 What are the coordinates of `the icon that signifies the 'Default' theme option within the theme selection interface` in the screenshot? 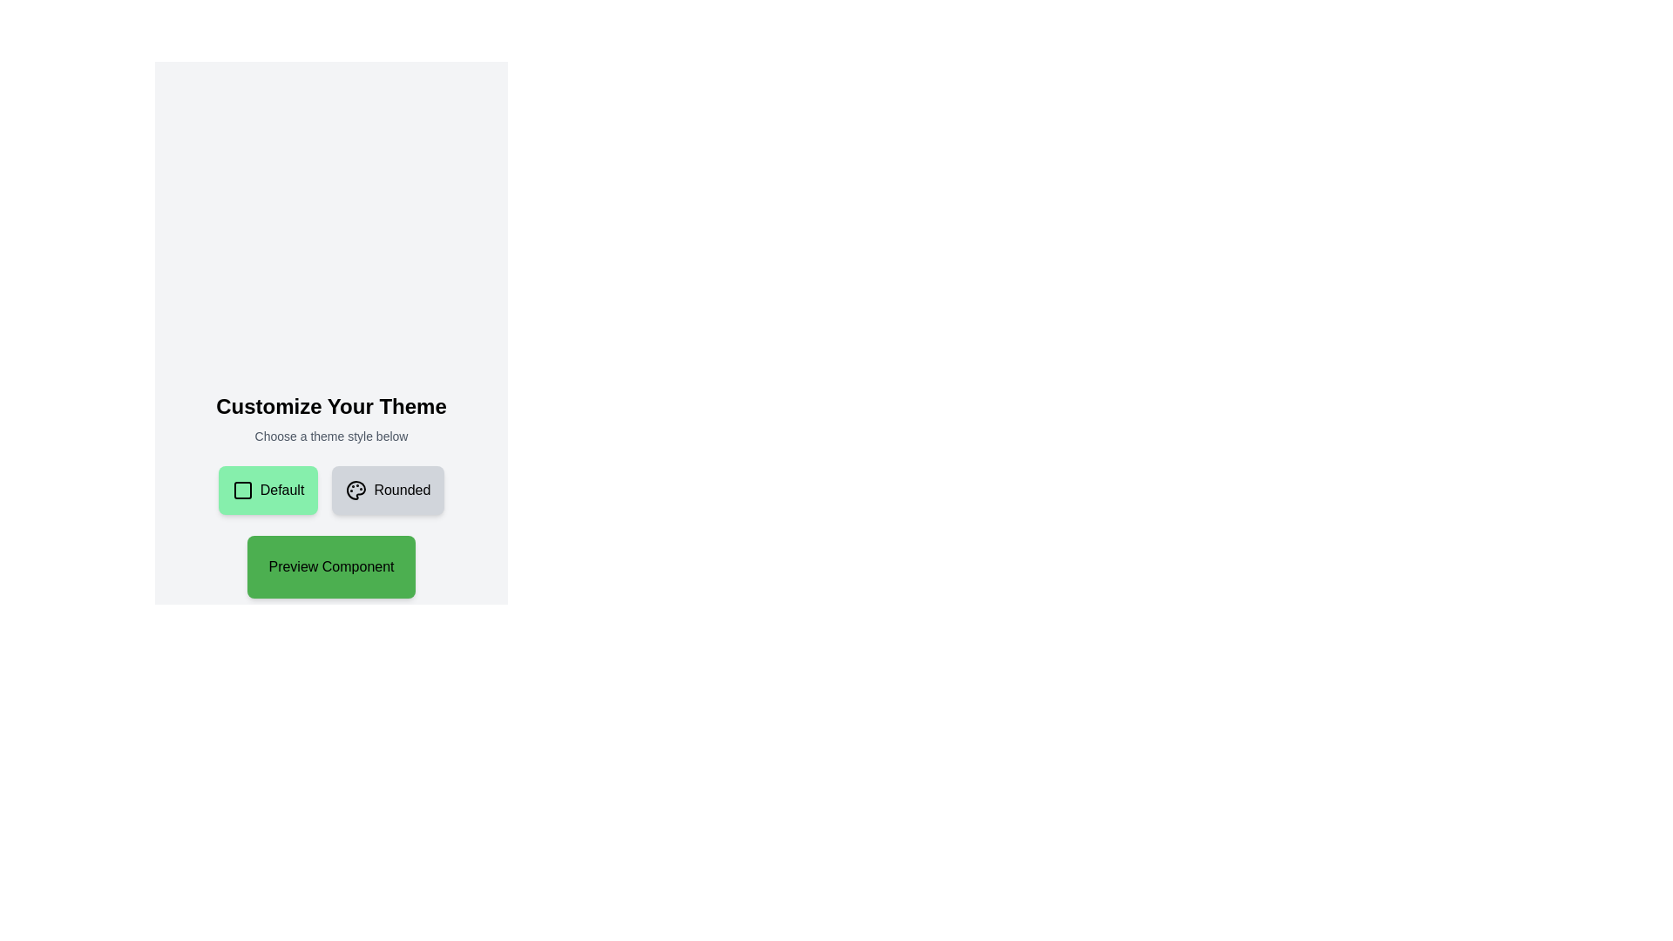 It's located at (241, 491).